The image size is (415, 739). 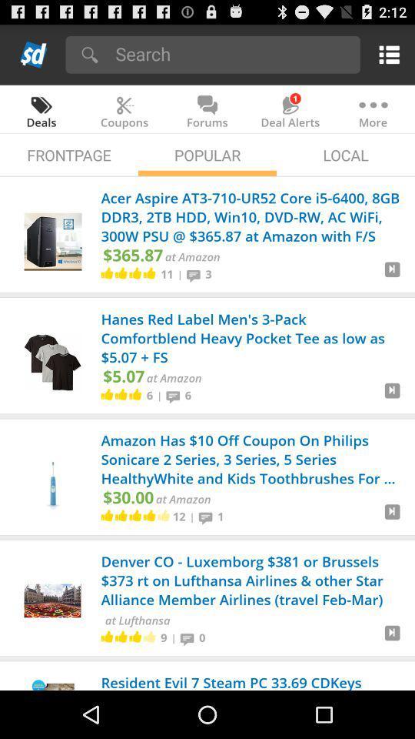 What do you see at coordinates (253, 581) in the screenshot?
I see `denver co luxemborg item` at bounding box center [253, 581].